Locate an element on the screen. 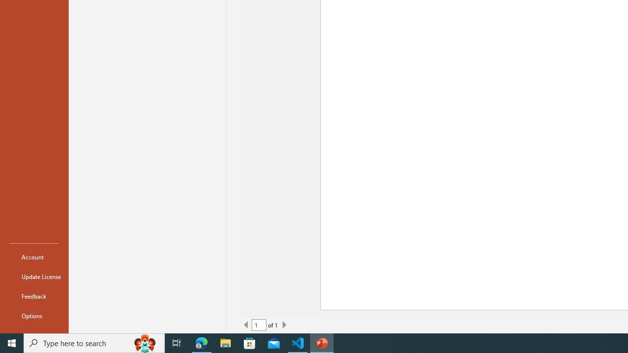 This screenshot has width=628, height=353. 'Current Page' is located at coordinates (259, 325).